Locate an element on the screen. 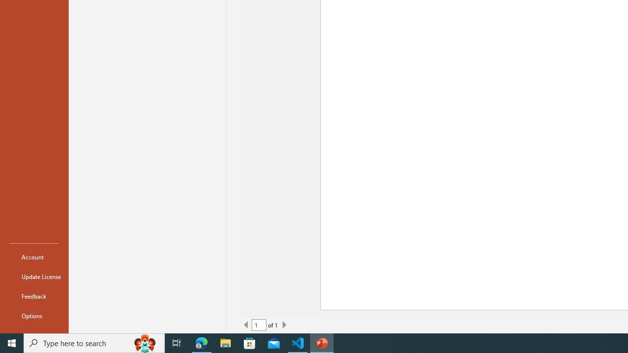 This screenshot has width=628, height=353. 'Current Page' is located at coordinates (259, 325).